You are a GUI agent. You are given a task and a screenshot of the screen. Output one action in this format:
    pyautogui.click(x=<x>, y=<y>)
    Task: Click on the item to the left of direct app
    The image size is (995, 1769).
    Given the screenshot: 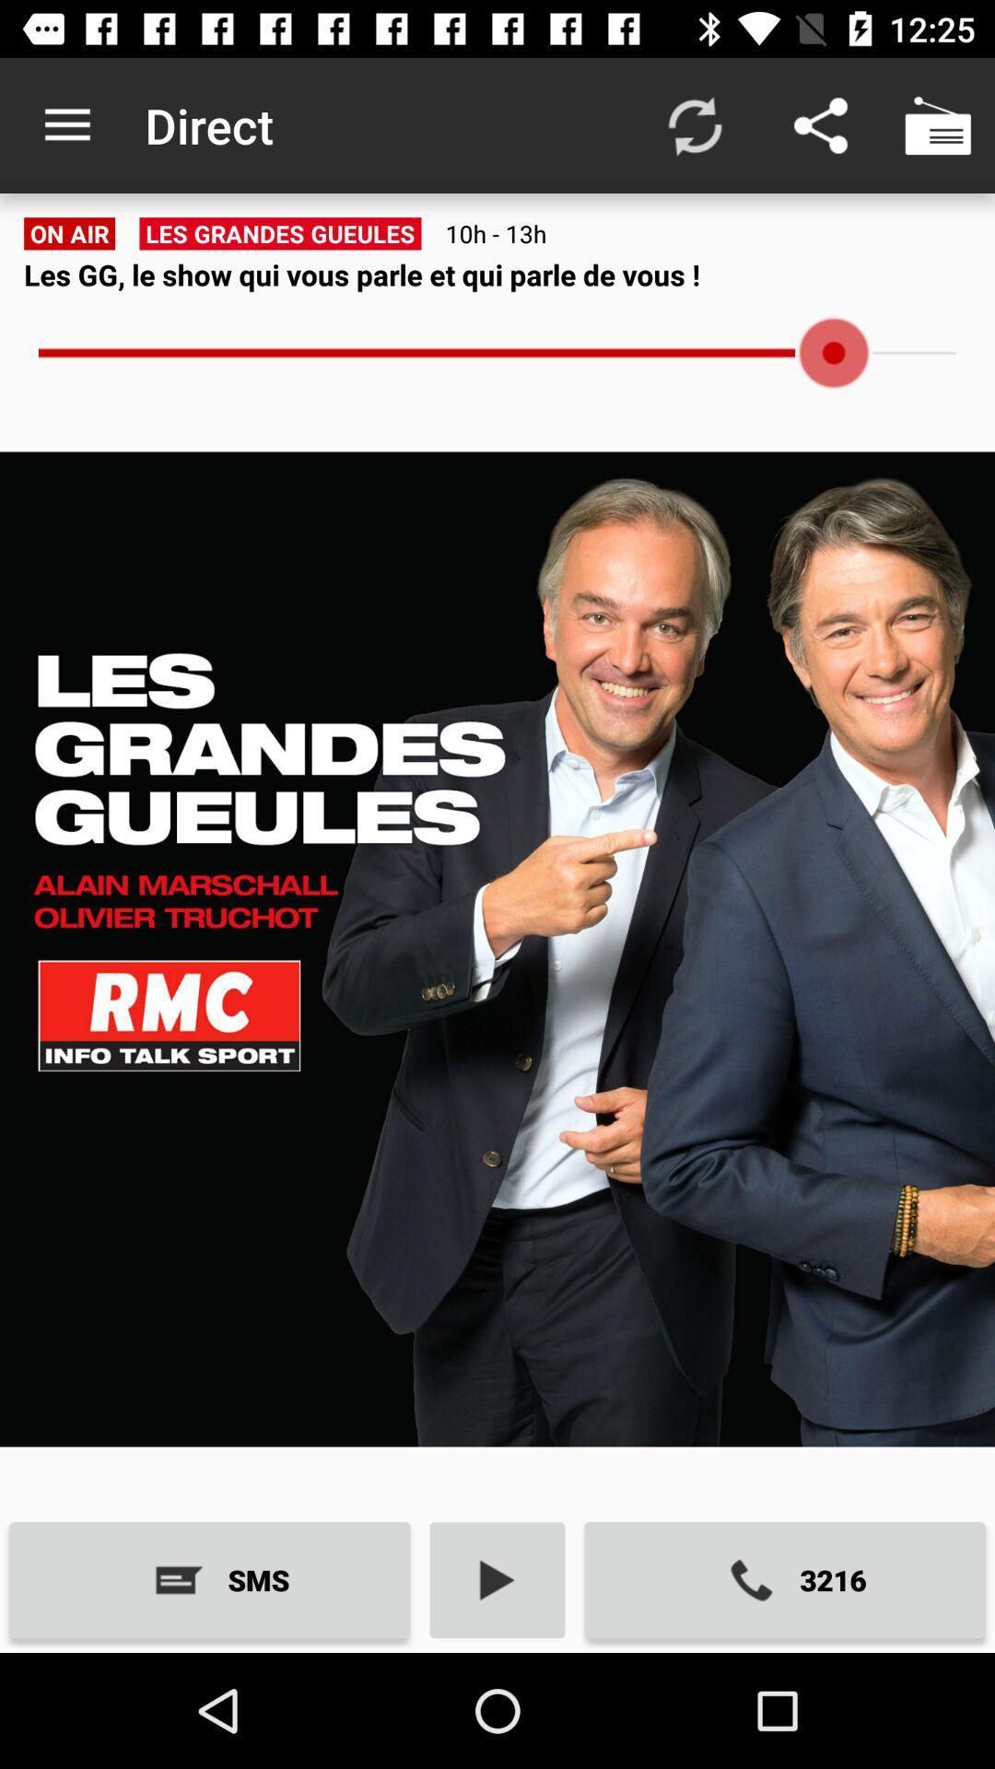 What is the action you would take?
    pyautogui.click(x=66, y=124)
    